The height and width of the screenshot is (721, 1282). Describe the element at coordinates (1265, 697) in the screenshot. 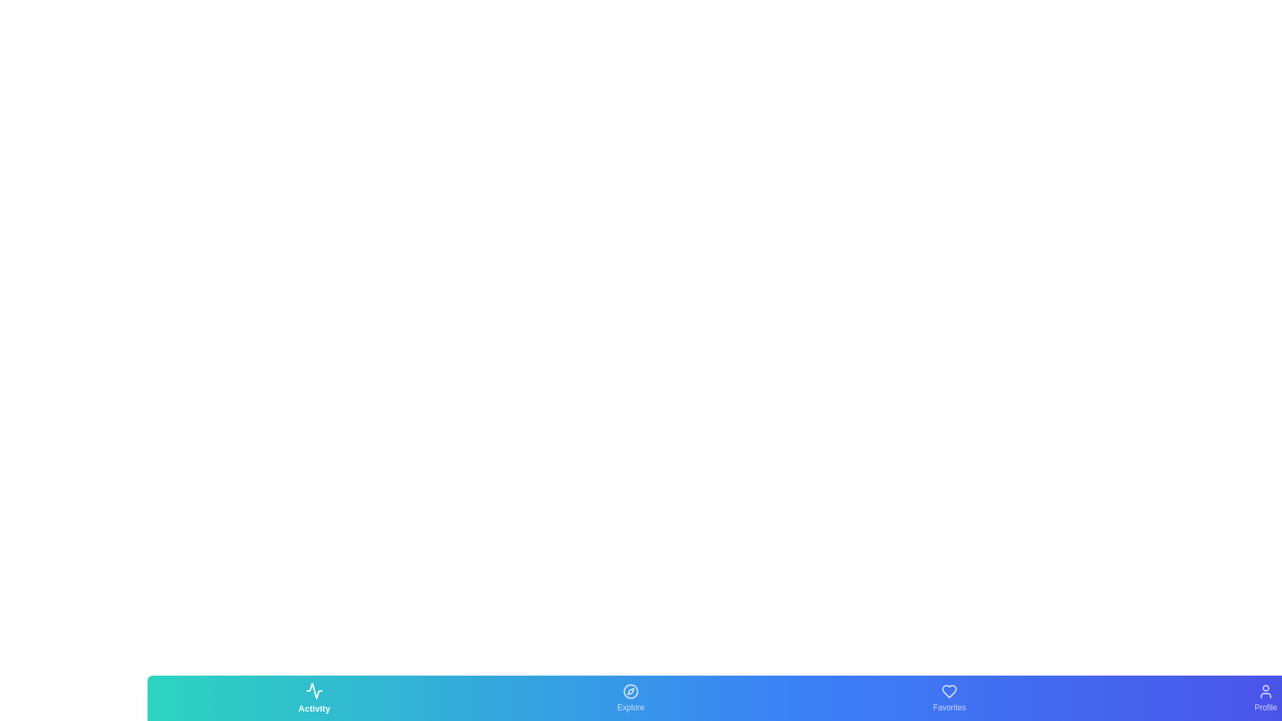

I see `the Profile tab icon` at that location.